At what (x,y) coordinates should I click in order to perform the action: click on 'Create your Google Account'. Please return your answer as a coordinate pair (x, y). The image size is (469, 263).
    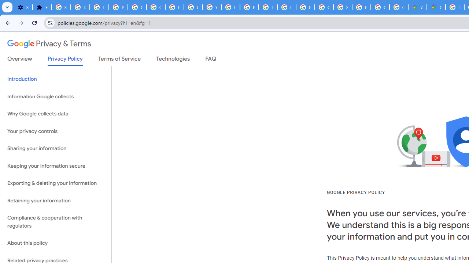
    Looking at the image, I should click on (398, 7).